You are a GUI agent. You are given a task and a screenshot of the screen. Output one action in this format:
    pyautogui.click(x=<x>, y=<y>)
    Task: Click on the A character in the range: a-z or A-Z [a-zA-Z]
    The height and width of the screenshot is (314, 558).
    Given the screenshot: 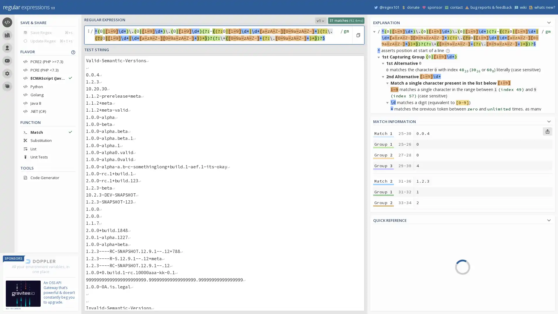 What is the action you would take?
    pyautogui.click(x=491, y=263)
    